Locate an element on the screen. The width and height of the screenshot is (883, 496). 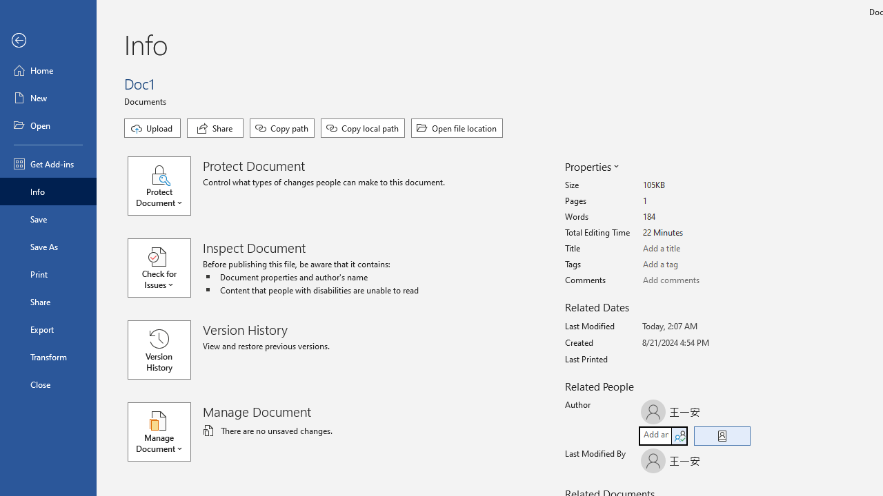
'Title' is located at coordinates (694, 249).